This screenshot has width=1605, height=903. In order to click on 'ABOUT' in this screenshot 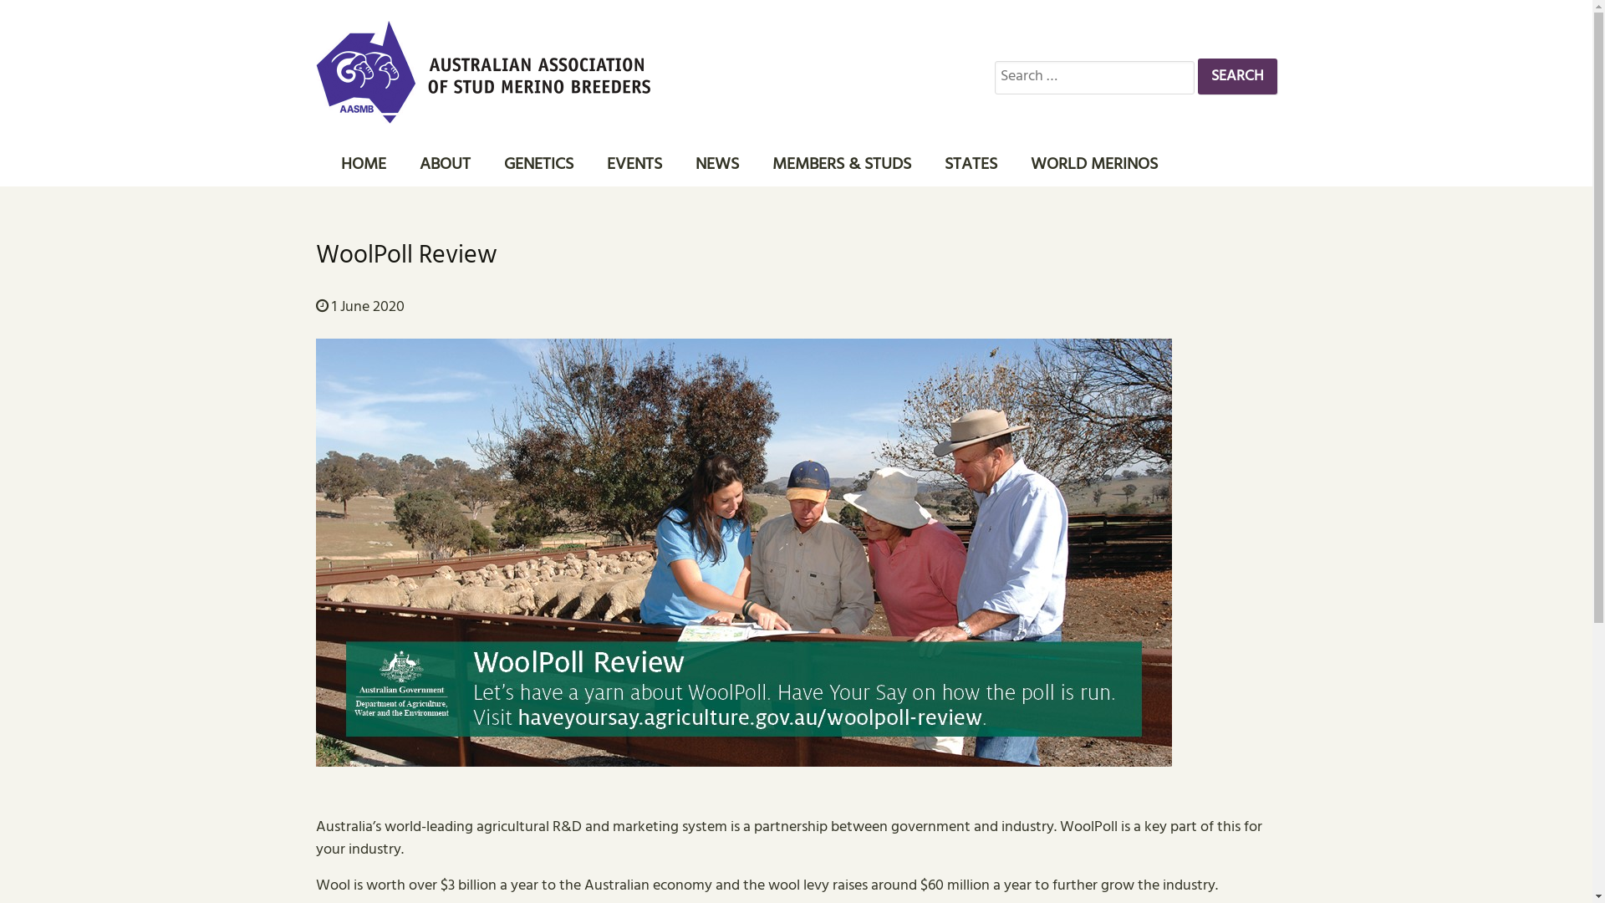, I will do `click(445, 164)`.